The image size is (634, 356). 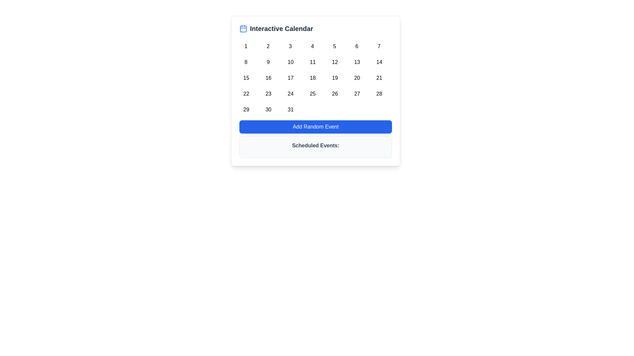 I want to click on the interactive button representing the 11th day in the calendar, located in the second row and fourth column of the grid layout, so click(x=312, y=61).